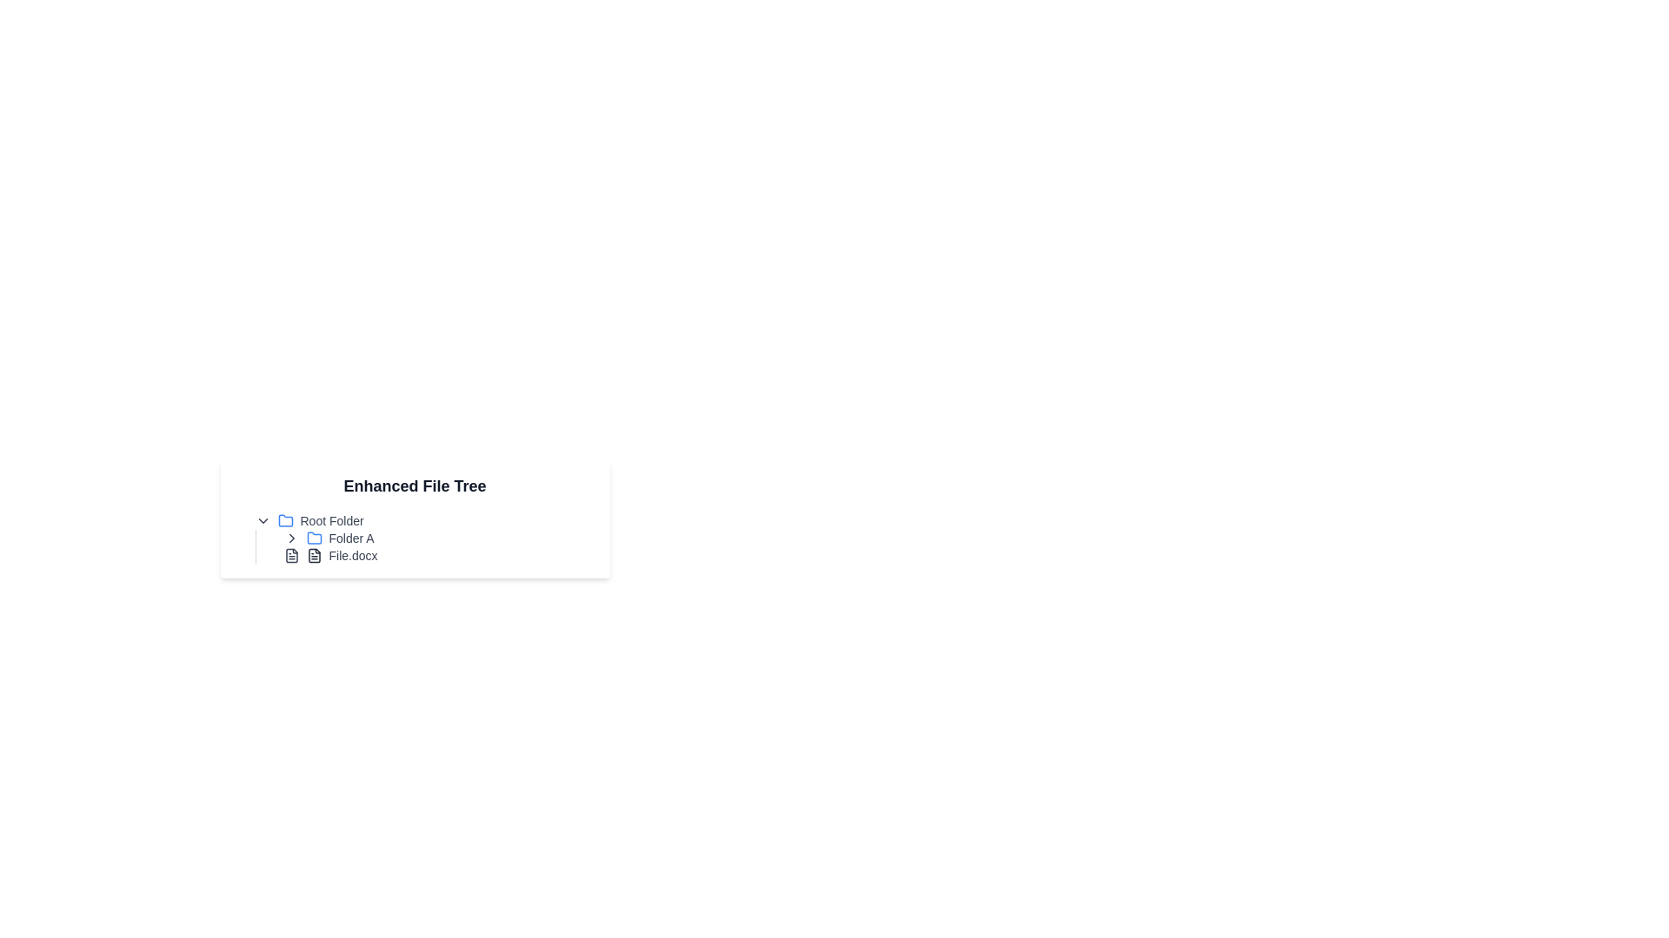 Image resolution: width=1669 pixels, height=938 pixels. Describe the element at coordinates (314, 556) in the screenshot. I see `the document file icon, which is a small gray icon with a text outline, located to the left of 'File.docx'` at that location.